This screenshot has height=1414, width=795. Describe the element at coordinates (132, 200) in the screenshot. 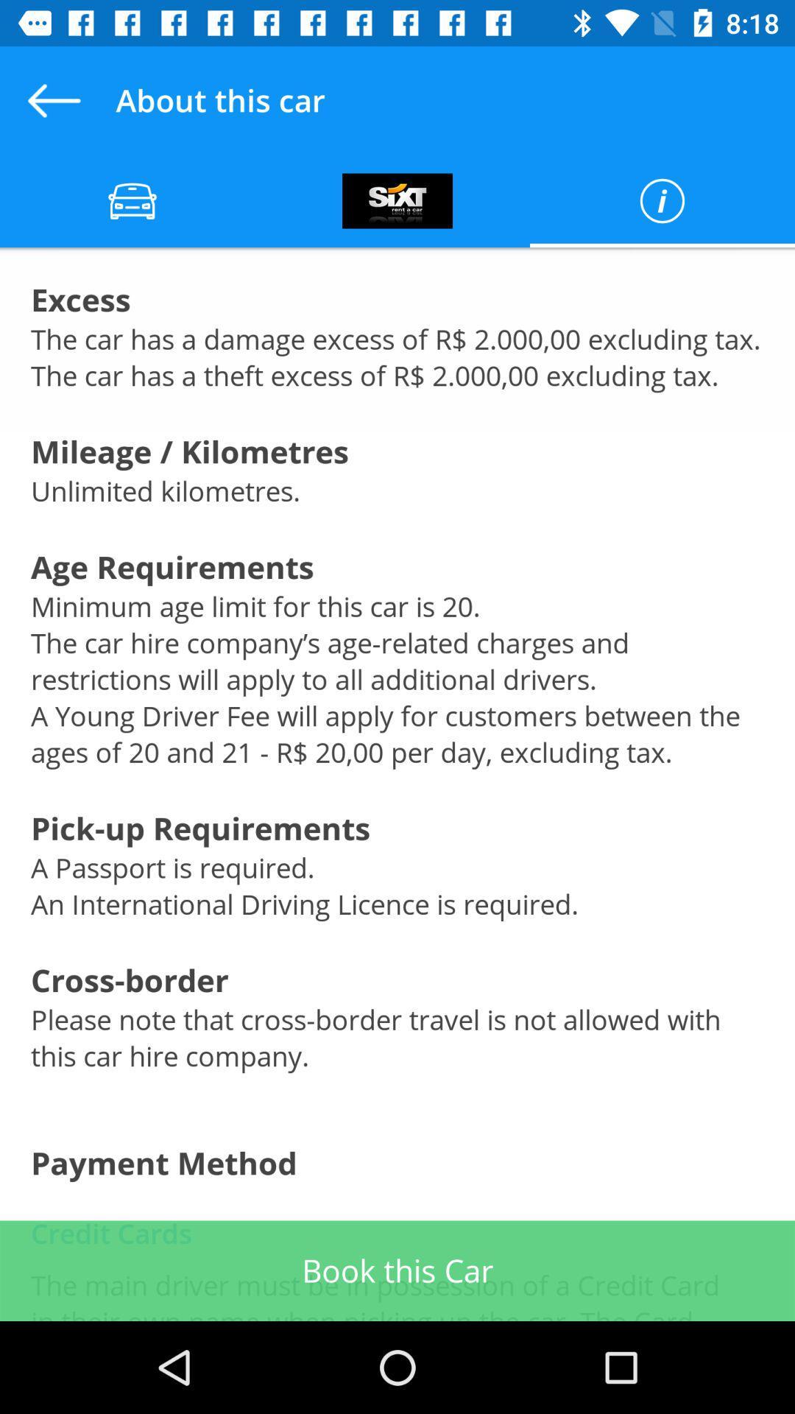

I see `the car image in the page` at that location.